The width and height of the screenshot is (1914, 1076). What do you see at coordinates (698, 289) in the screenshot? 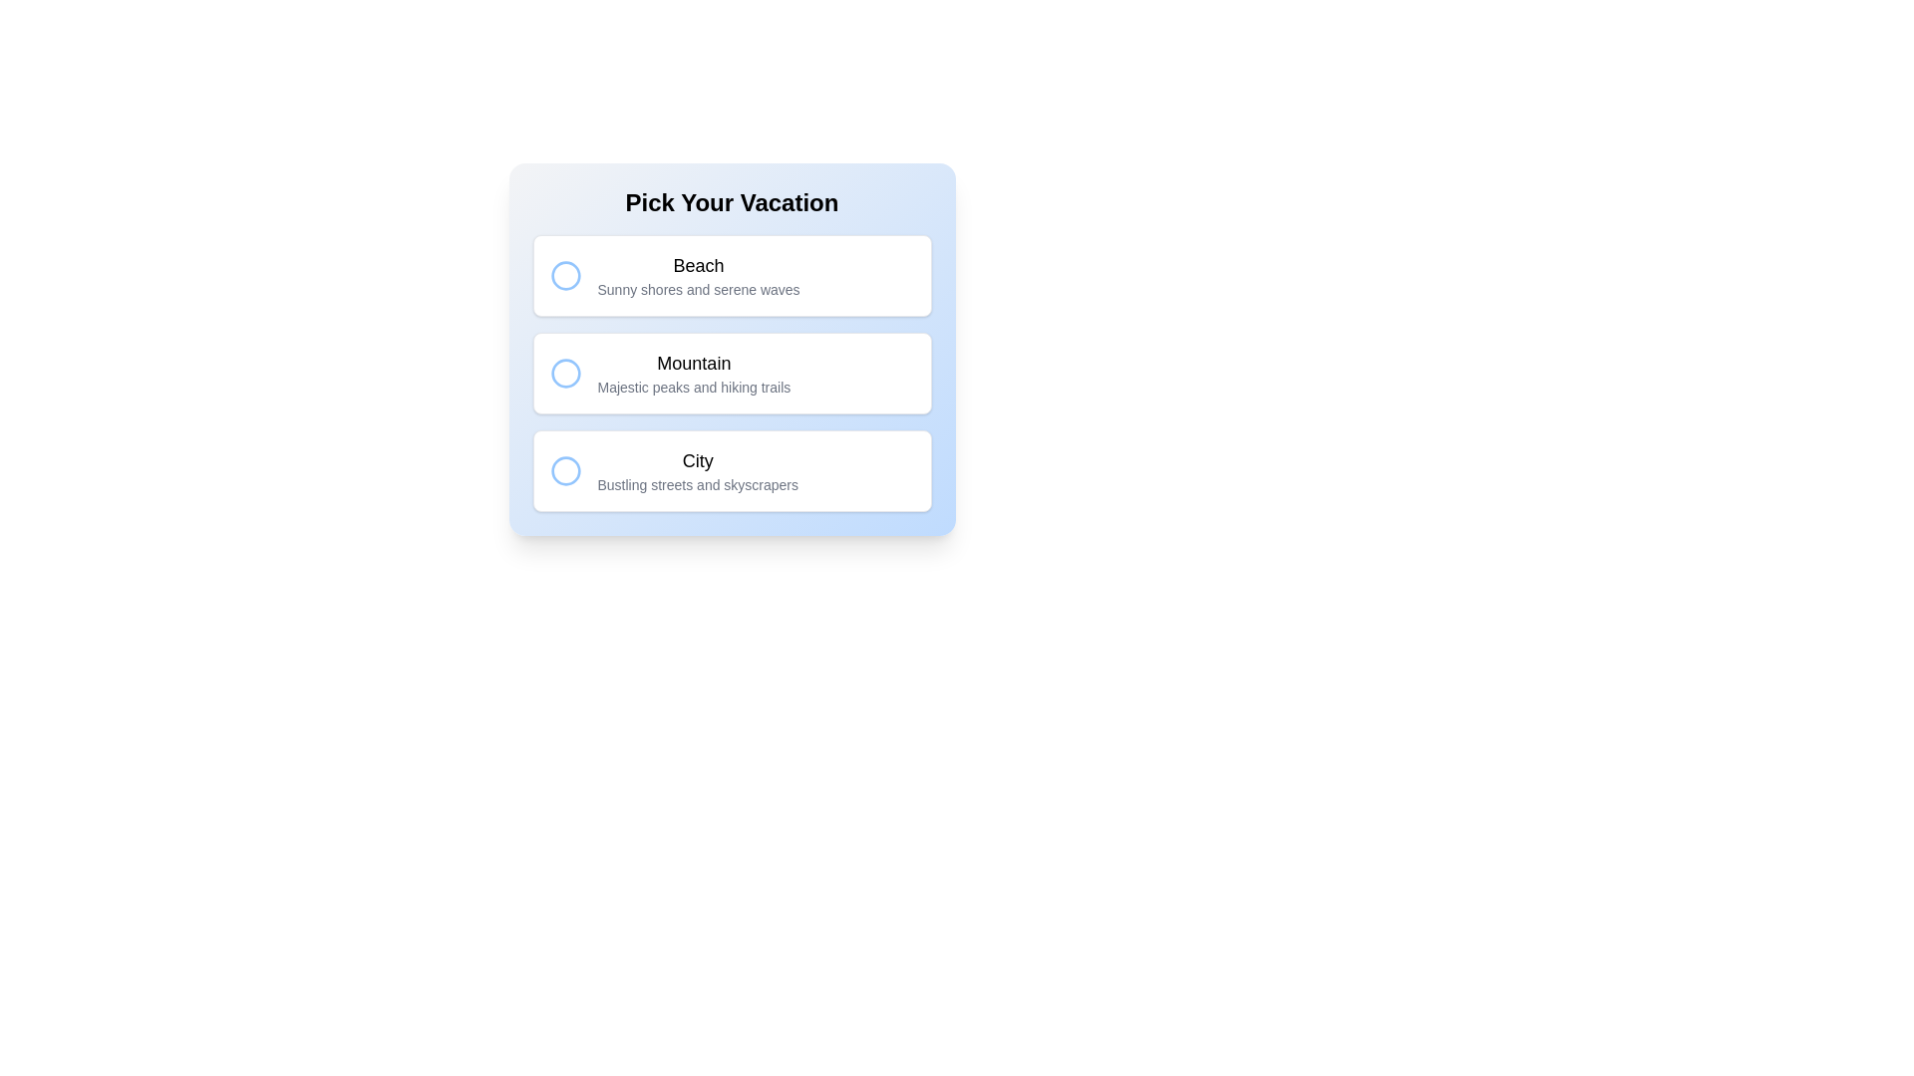
I see `the static text 'Sunny shores and serene waves' located directly under the main heading 'Beach', which provides additional context about the selection option` at bounding box center [698, 289].